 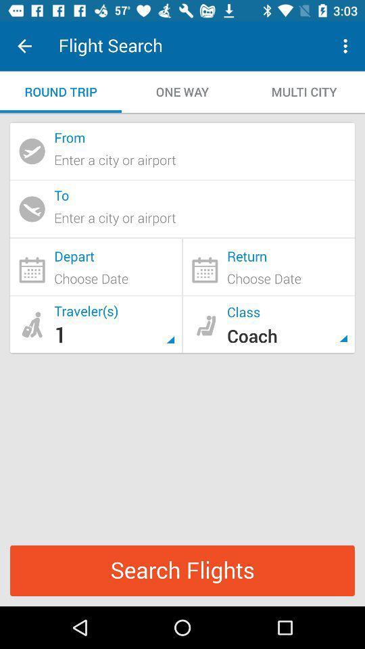 What do you see at coordinates (60, 91) in the screenshot?
I see `icon next to the one way icon` at bounding box center [60, 91].